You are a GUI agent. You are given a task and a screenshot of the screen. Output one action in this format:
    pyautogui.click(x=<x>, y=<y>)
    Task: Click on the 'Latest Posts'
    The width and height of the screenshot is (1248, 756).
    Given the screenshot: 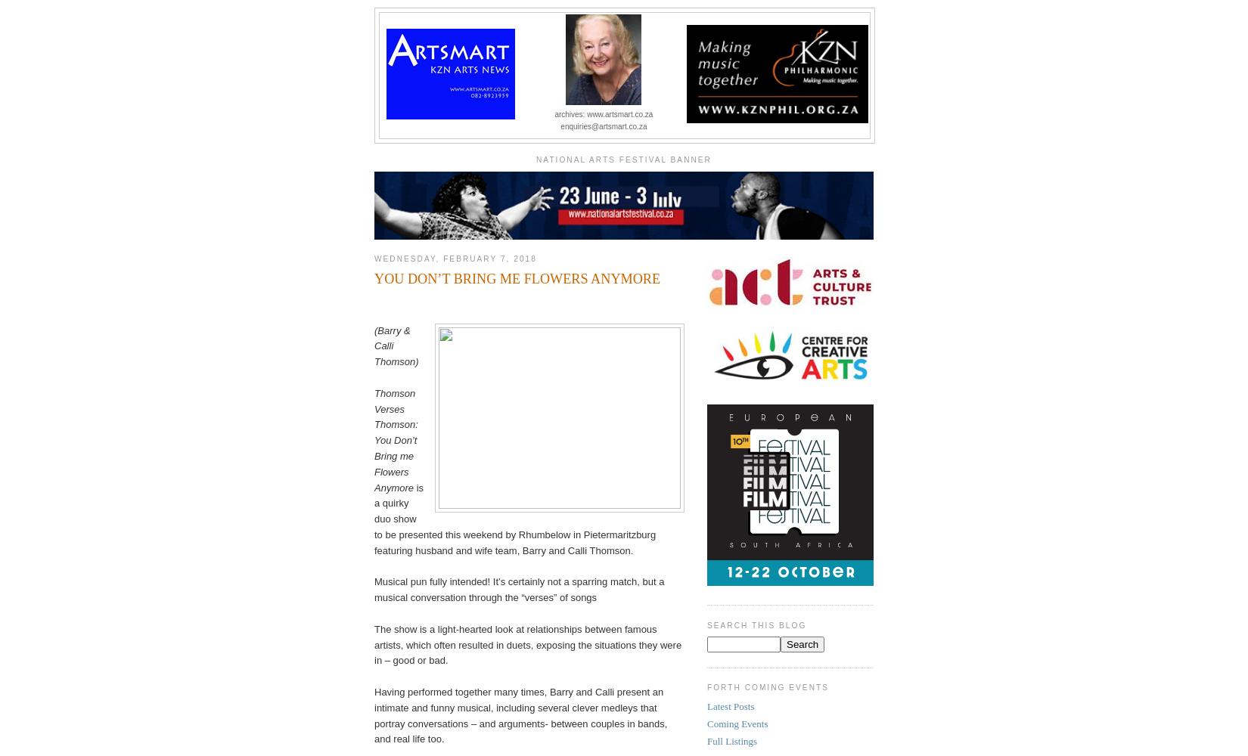 What is the action you would take?
    pyautogui.click(x=731, y=706)
    